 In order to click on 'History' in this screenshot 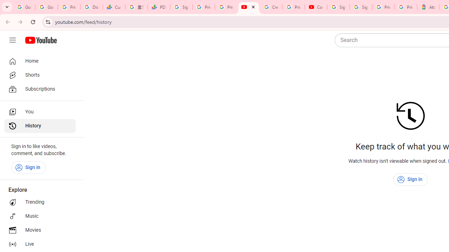, I will do `click(39, 126)`.